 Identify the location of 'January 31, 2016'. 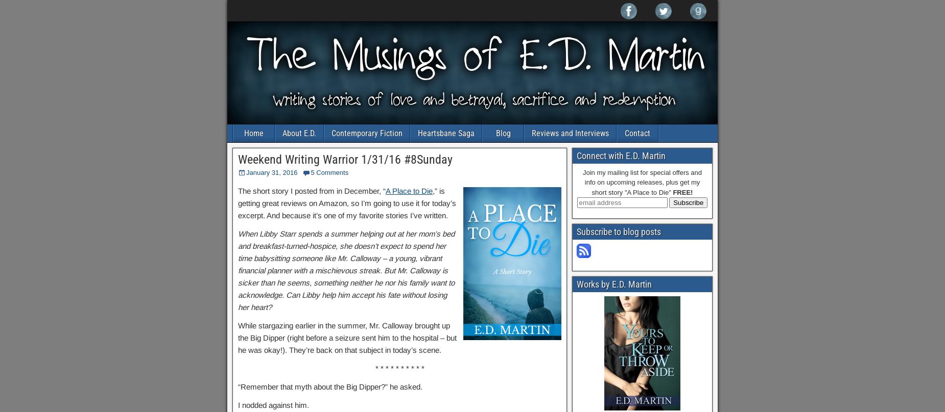
(272, 172).